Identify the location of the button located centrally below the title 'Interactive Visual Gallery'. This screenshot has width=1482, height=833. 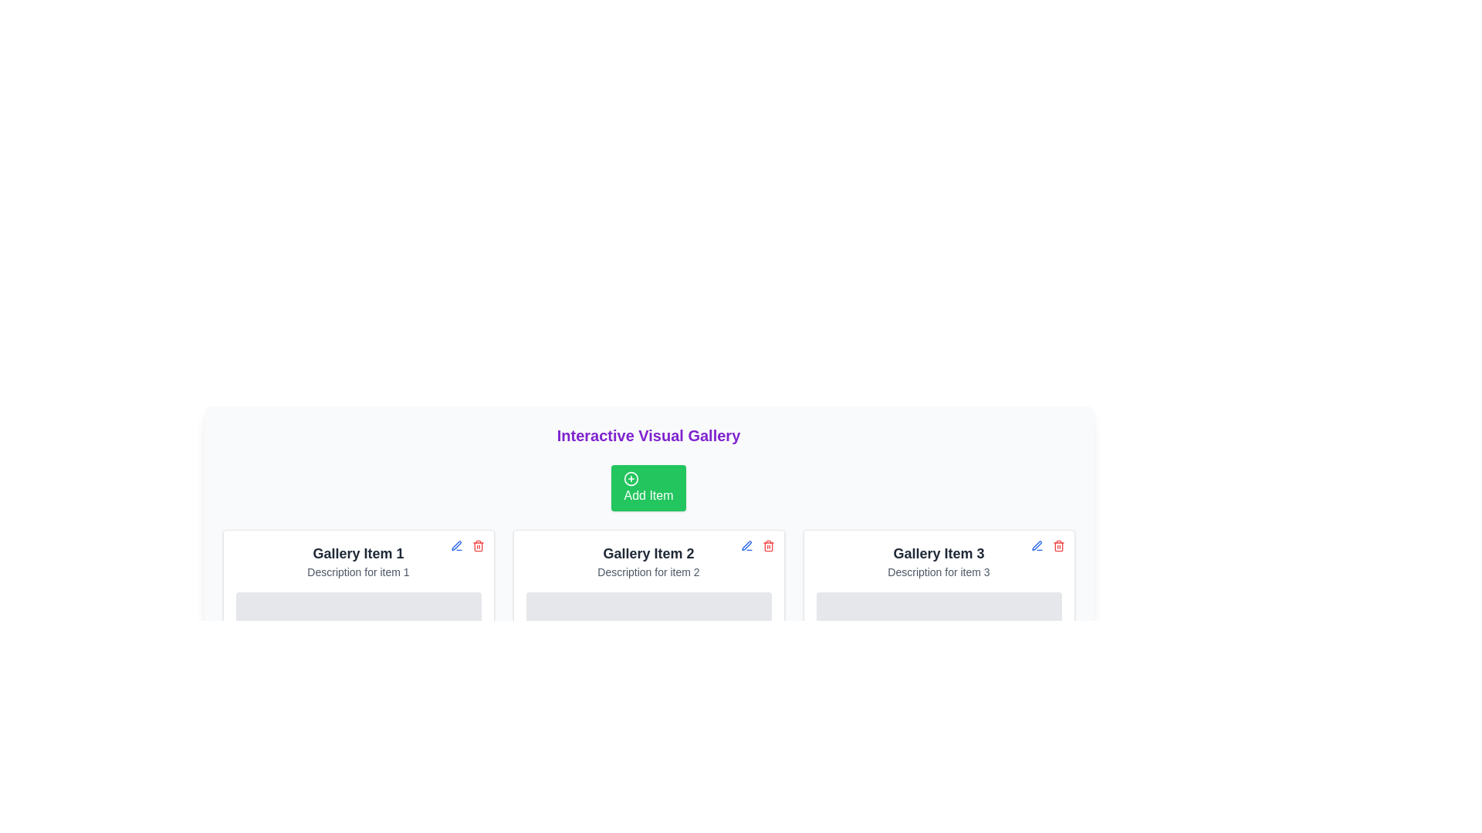
(648, 487).